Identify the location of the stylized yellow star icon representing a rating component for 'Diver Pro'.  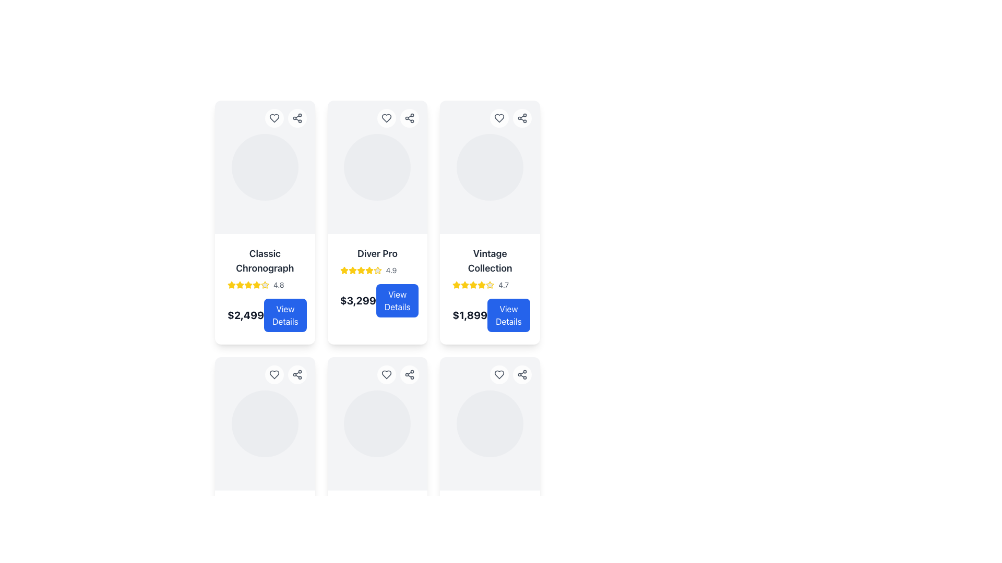
(231, 285).